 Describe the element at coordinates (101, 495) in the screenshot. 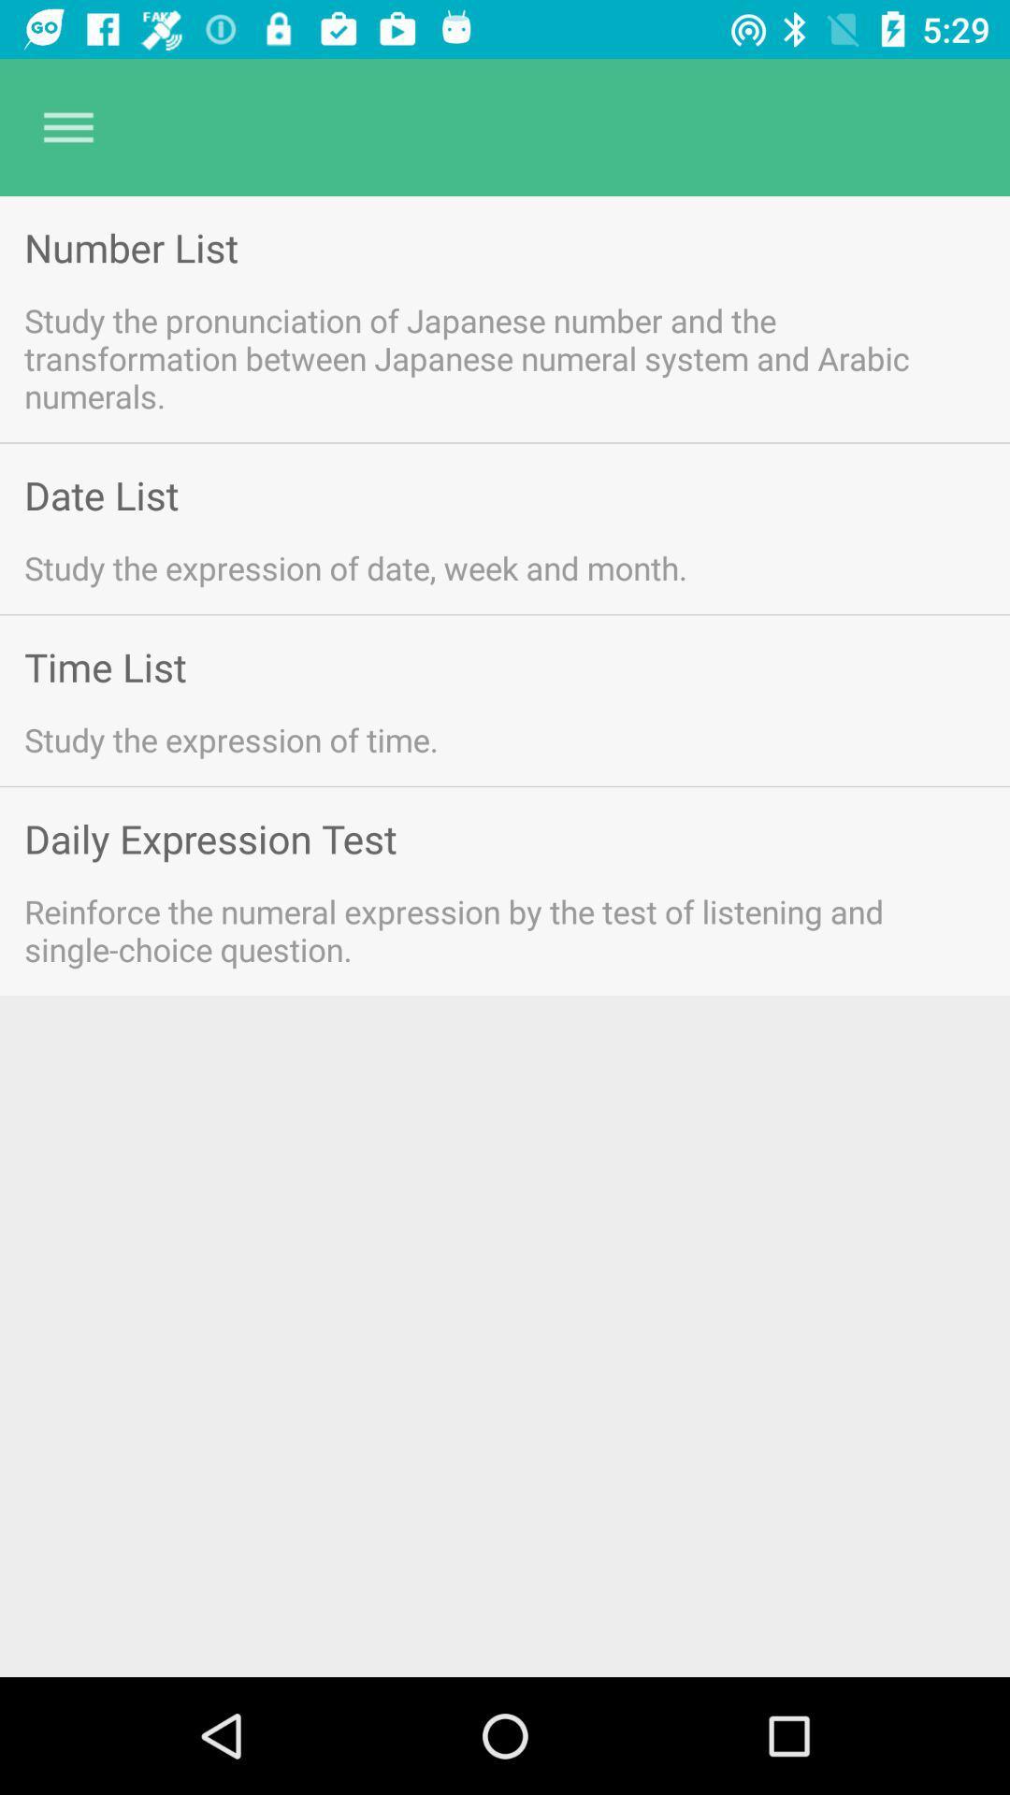

I see `the icon below study the pronunciation app` at that location.